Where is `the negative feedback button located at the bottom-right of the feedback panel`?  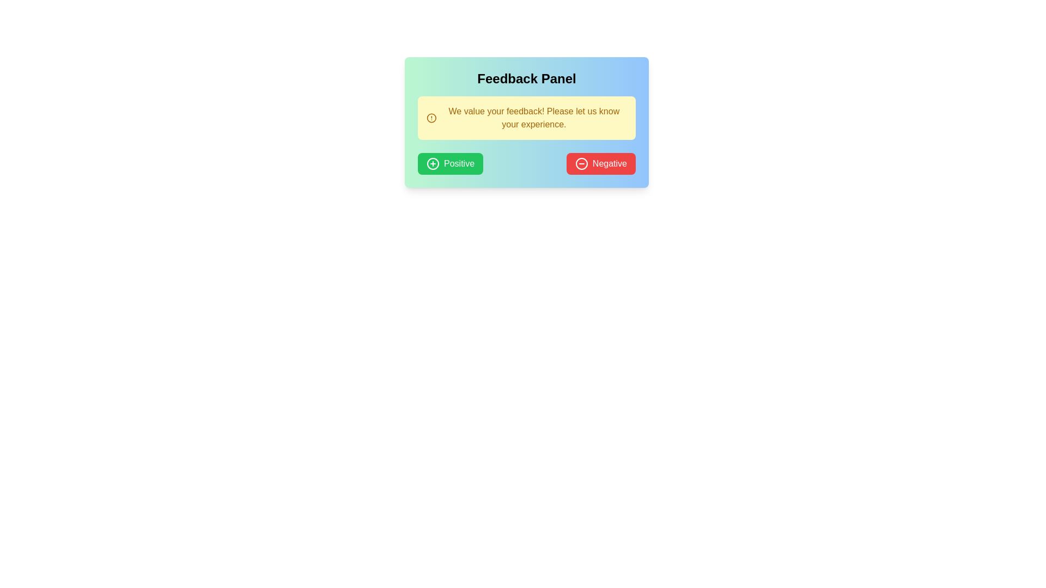
the negative feedback button located at the bottom-right of the feedback panel is located at coordinates (600, 163).